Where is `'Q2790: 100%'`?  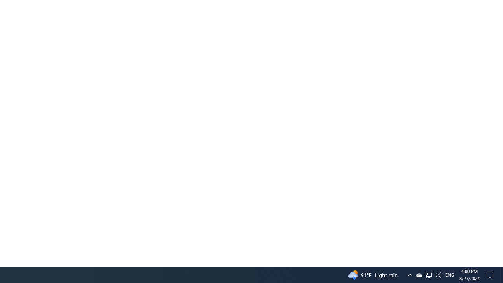 'Q2790: 100%' is located at coordinates (437, 274).